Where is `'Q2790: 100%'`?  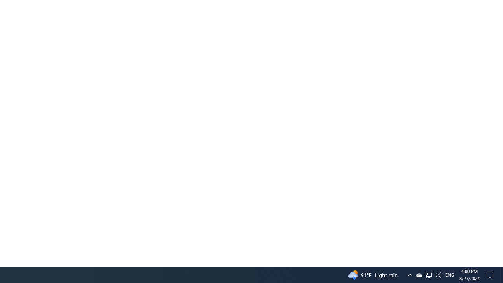 'Q2790: 100%' is located at coordinates (437, 274).